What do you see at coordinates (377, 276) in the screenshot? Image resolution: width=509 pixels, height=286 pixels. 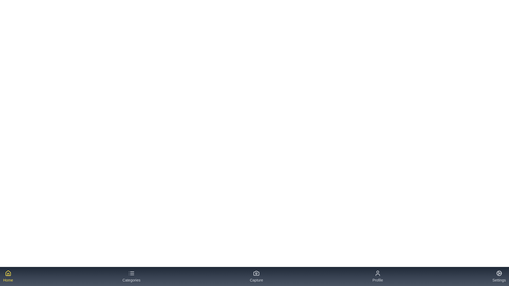 I see `the tab labeled 'Profile' to see its hover effect` at bounding box center [377, 276].